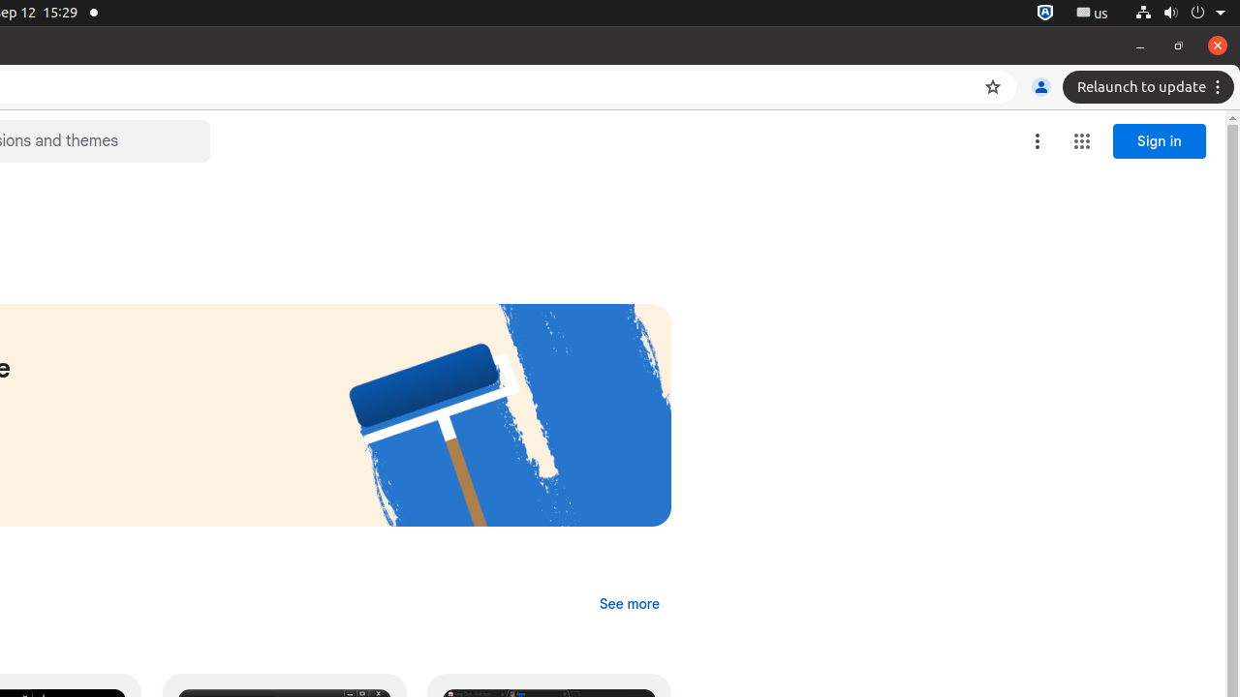  I want to click on ':1.72/StatusNotifierItem', so click(1044, 13).